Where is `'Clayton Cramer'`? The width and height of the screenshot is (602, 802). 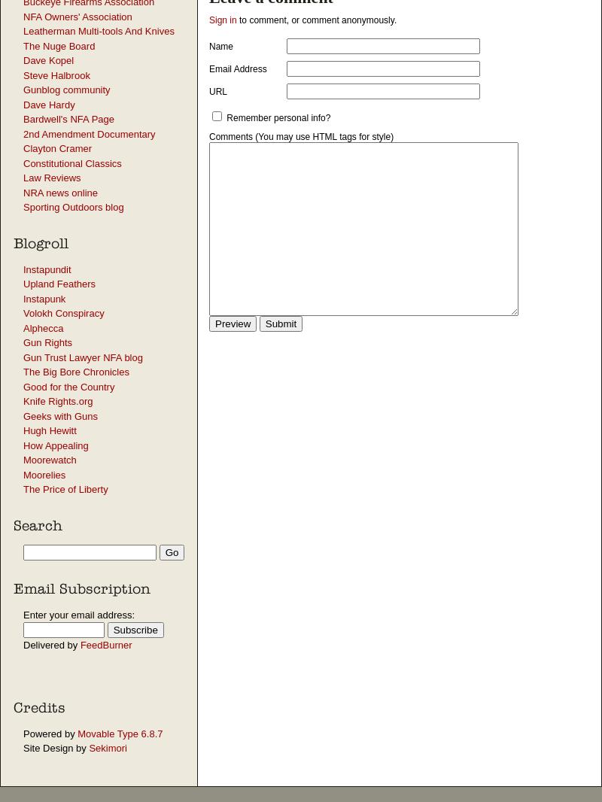 'Clayton Cramer' is located at coordinates (57, 147).